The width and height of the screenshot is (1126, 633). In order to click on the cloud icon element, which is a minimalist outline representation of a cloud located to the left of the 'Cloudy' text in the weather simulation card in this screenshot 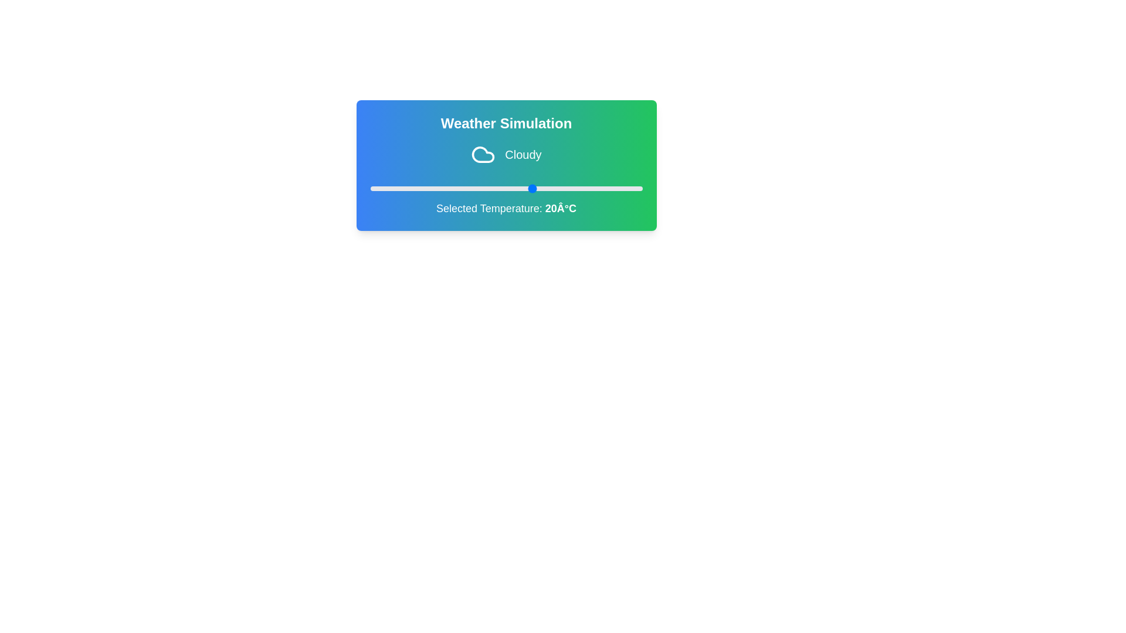, I will do `click(483, 154)`.